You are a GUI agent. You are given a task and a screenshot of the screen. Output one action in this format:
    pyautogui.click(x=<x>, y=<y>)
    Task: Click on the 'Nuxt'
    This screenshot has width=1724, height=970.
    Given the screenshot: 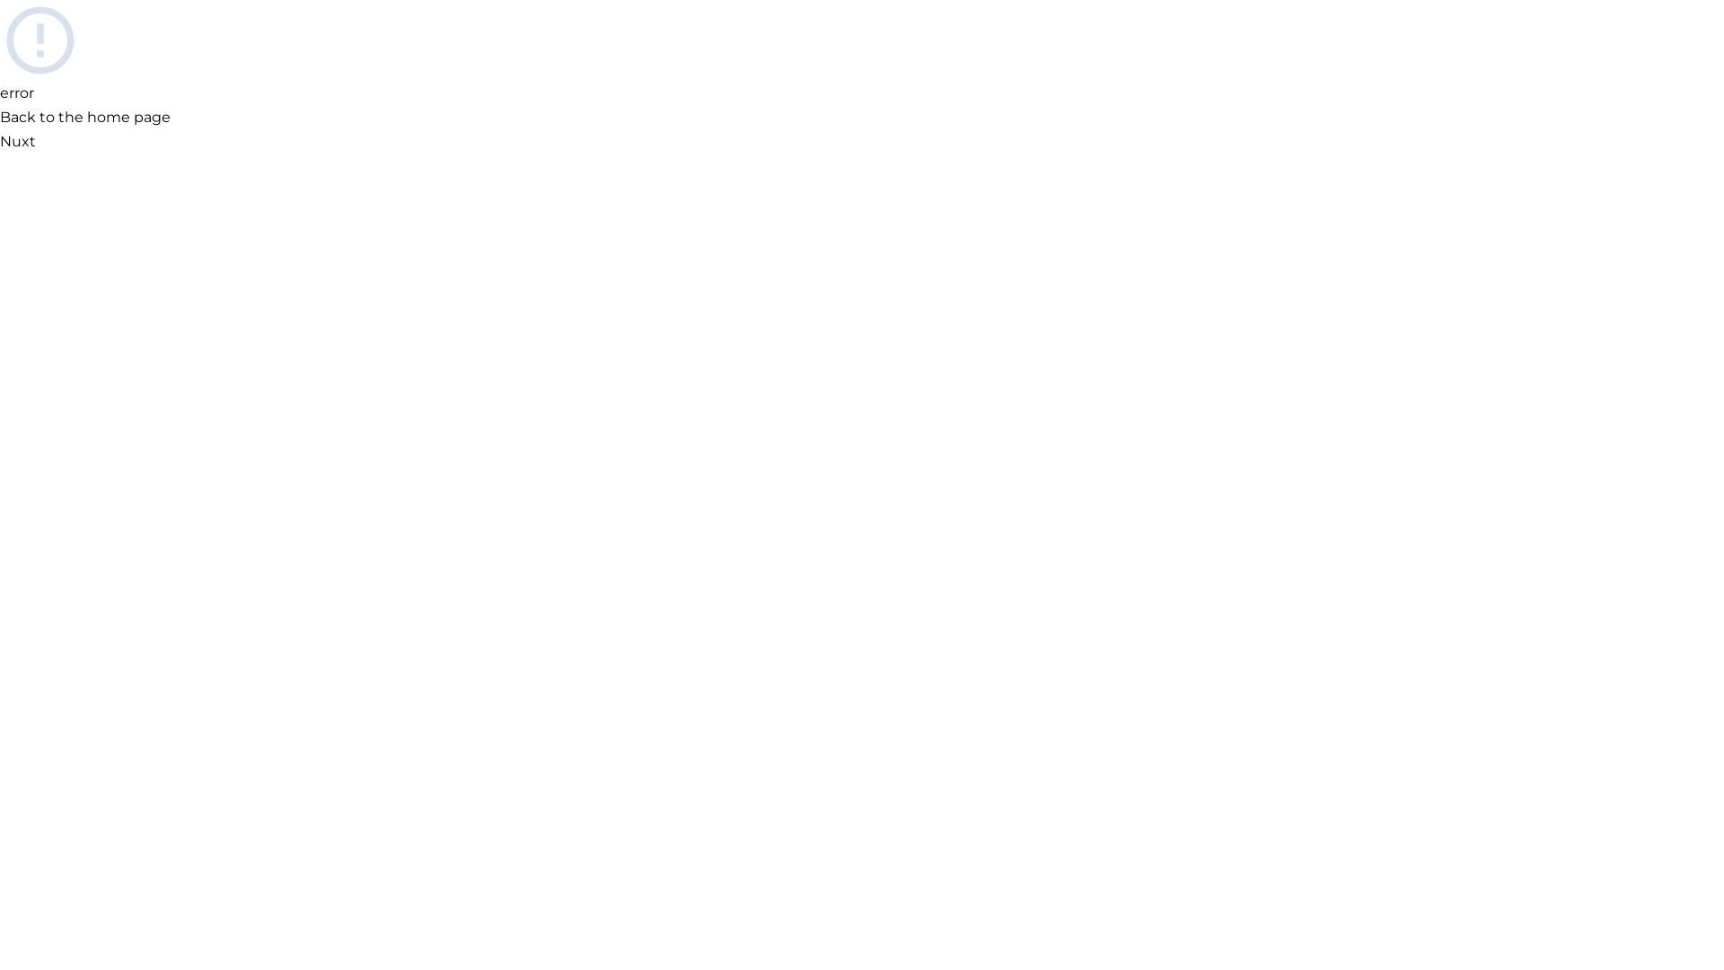 What is the action you would take?
    pyautogui.click(x=17, y=140)
    